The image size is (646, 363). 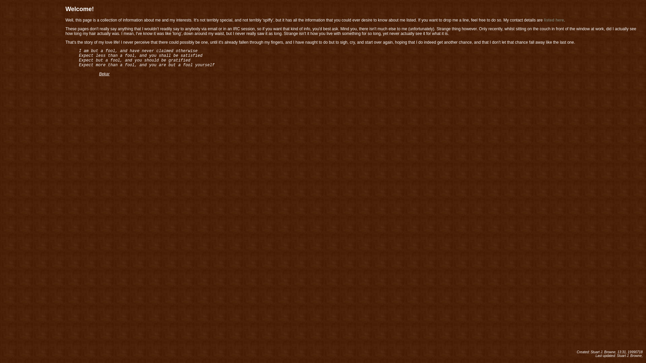 What do you see at coordinates (544, 20) in the screenshot?
I see `'listed here'` at bounding box center [544, 20].